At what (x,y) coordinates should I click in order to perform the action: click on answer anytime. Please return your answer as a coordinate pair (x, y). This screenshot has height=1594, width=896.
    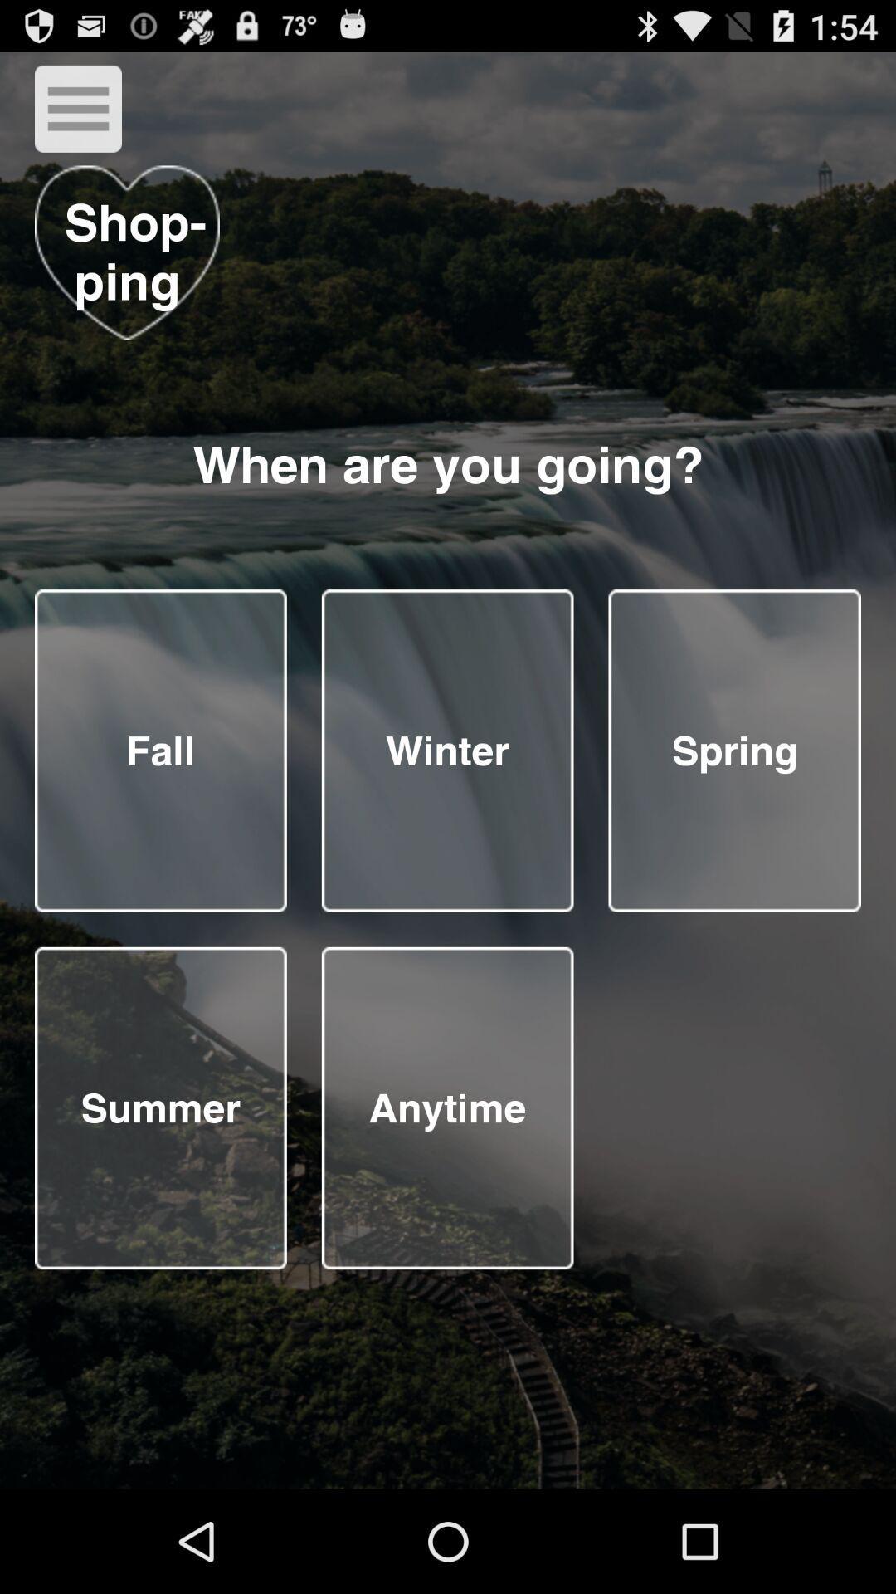
    Looking at the image, I should click on (446, 1107).